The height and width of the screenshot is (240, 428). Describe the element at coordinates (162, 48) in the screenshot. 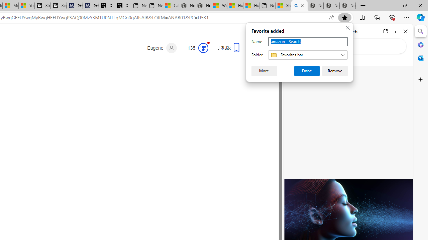

I see `'Eugene'` at that location.